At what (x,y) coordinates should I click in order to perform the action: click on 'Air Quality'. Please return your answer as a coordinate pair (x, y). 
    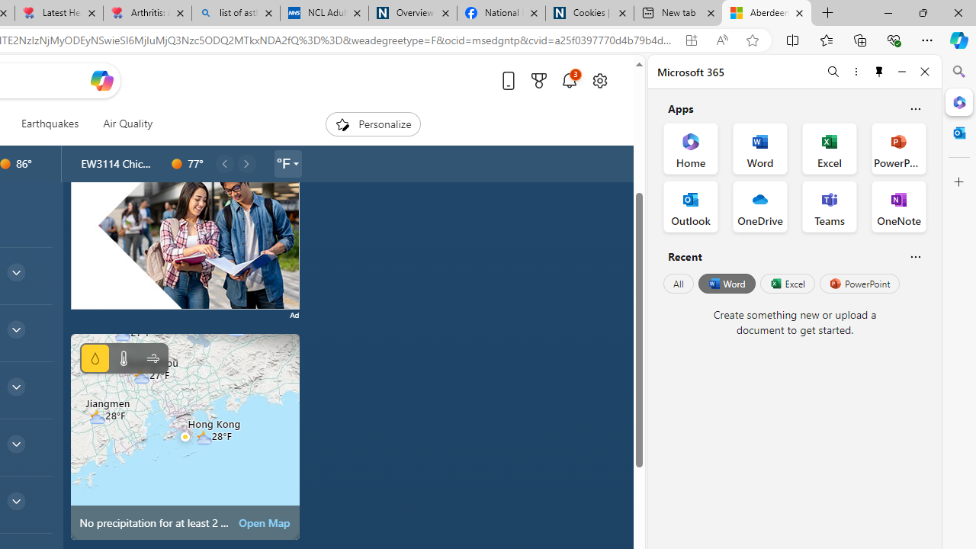
    Looking at the image, I should click on (127, 124).